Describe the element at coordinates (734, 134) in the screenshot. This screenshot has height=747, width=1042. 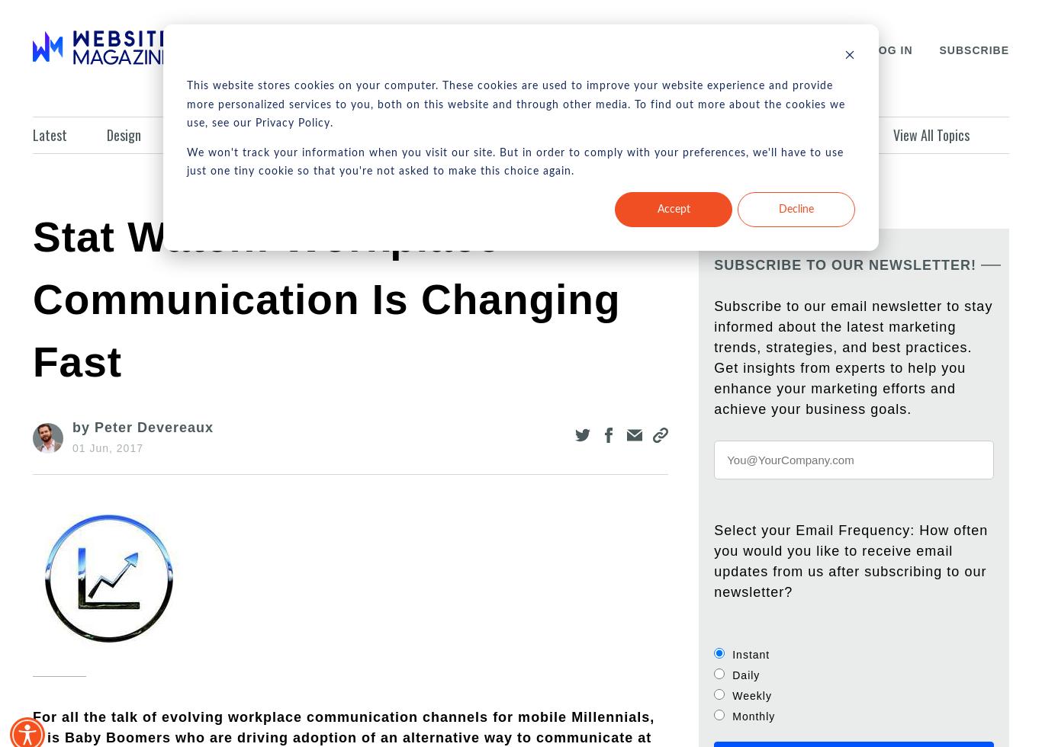
I see `'Email'` at that location.